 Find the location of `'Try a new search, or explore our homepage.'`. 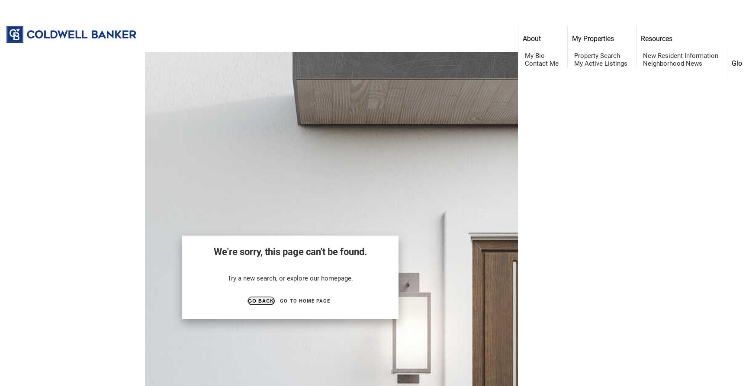

'Try a new search, or explore our homepage.' is located at coordinates (227, 278).